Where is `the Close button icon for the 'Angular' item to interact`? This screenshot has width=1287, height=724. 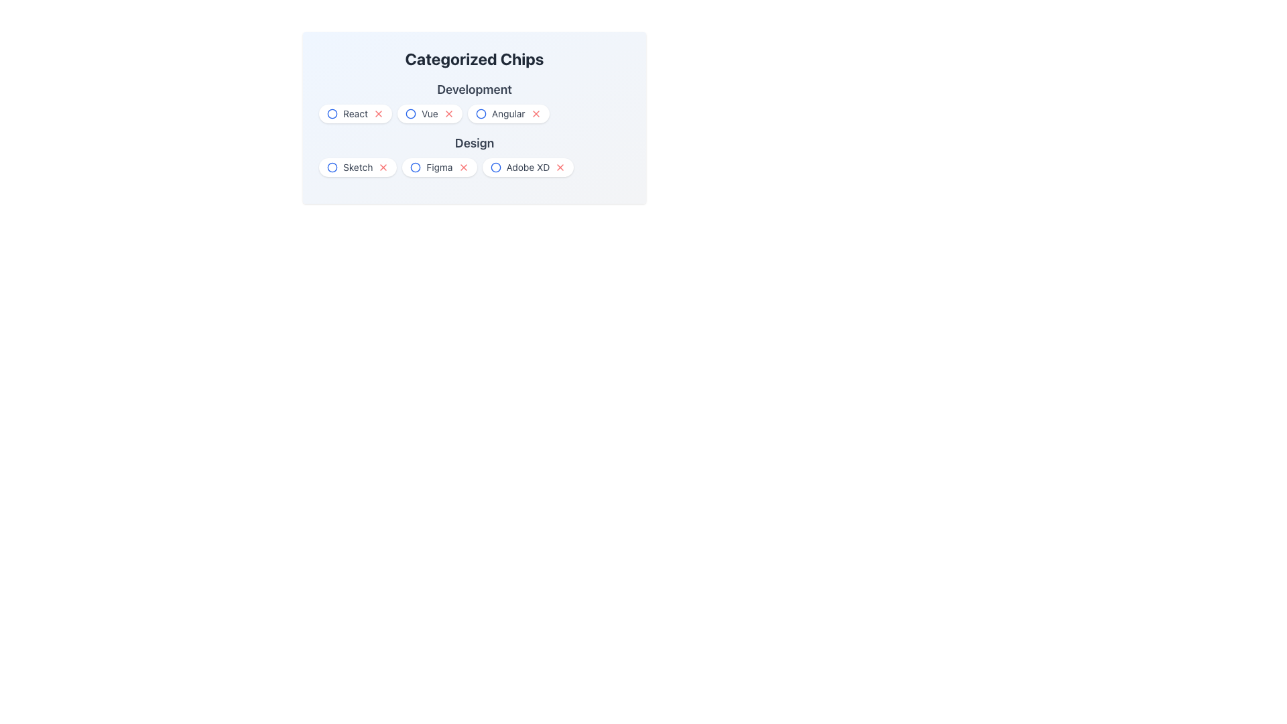
the Close button icon for the 'Angular' item to interact is located at coordinates (535, 113).